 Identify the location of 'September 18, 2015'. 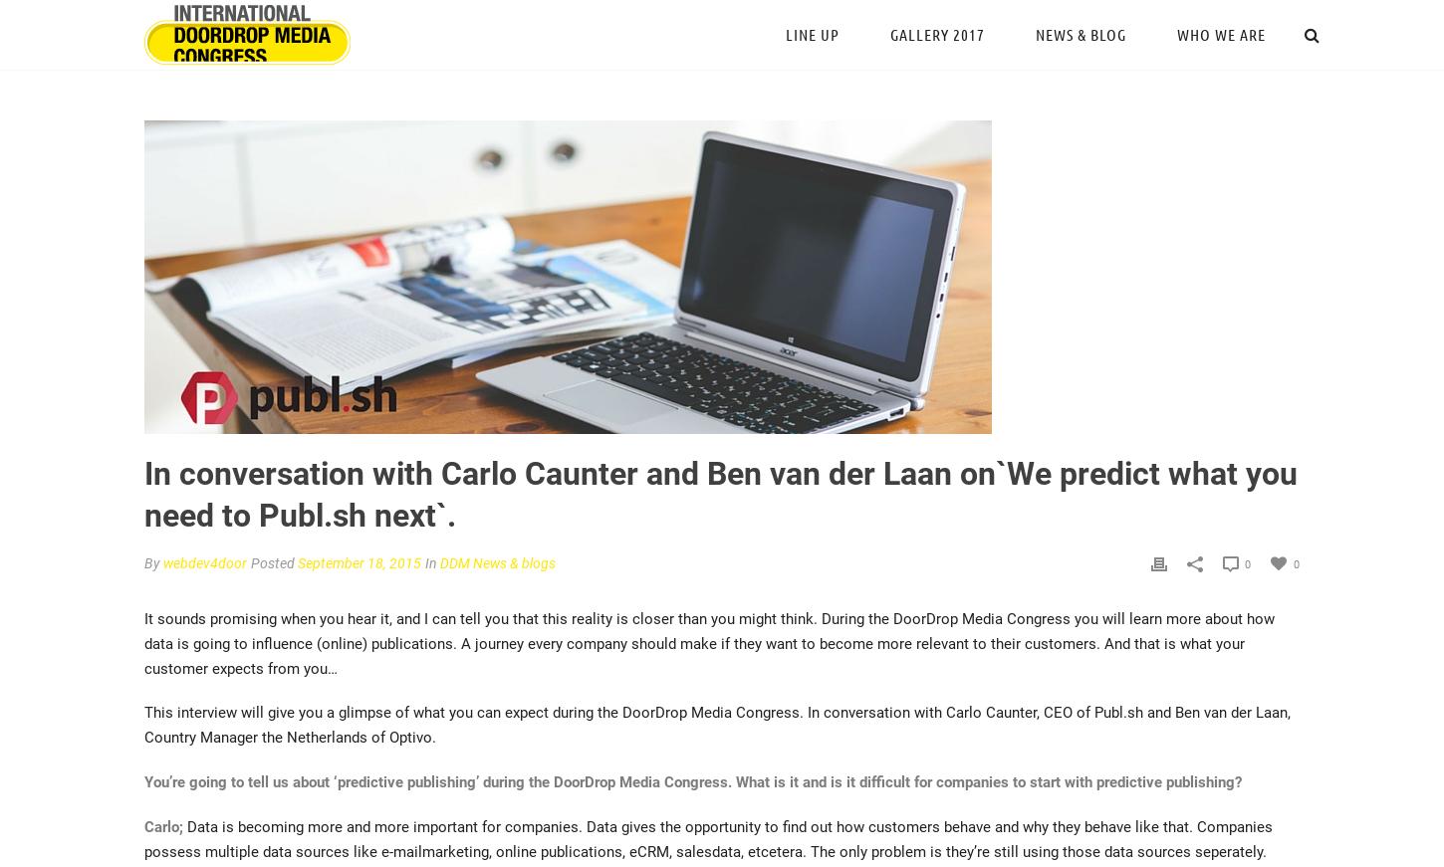
(360, 562).